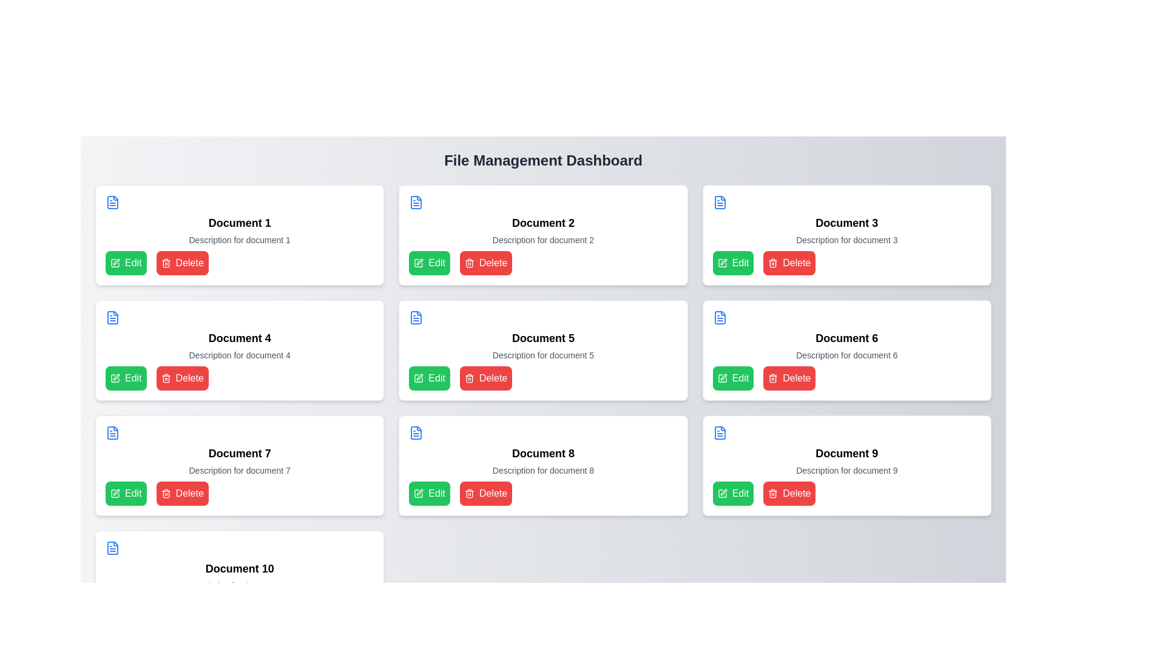 The width and height of the screenshot is (1165, 655). What do you see at coordinates (720, 432) in the screenshot?
I see `the small blue document icon within the card labeled 'Document 9' in the File Management Dashboard` at bounding box center [720, 432].